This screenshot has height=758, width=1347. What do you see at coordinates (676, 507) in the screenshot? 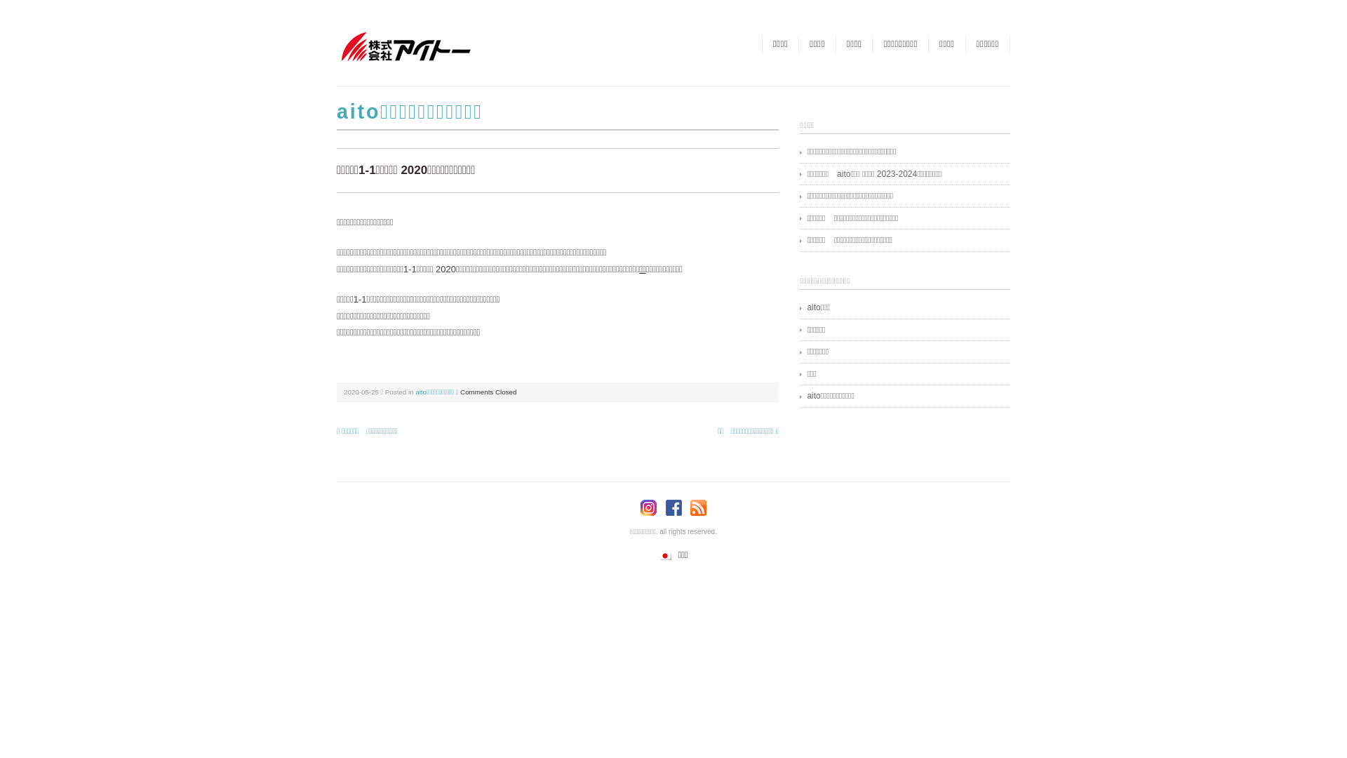
I see `'Facebook'` at bounding box center [676, 507].